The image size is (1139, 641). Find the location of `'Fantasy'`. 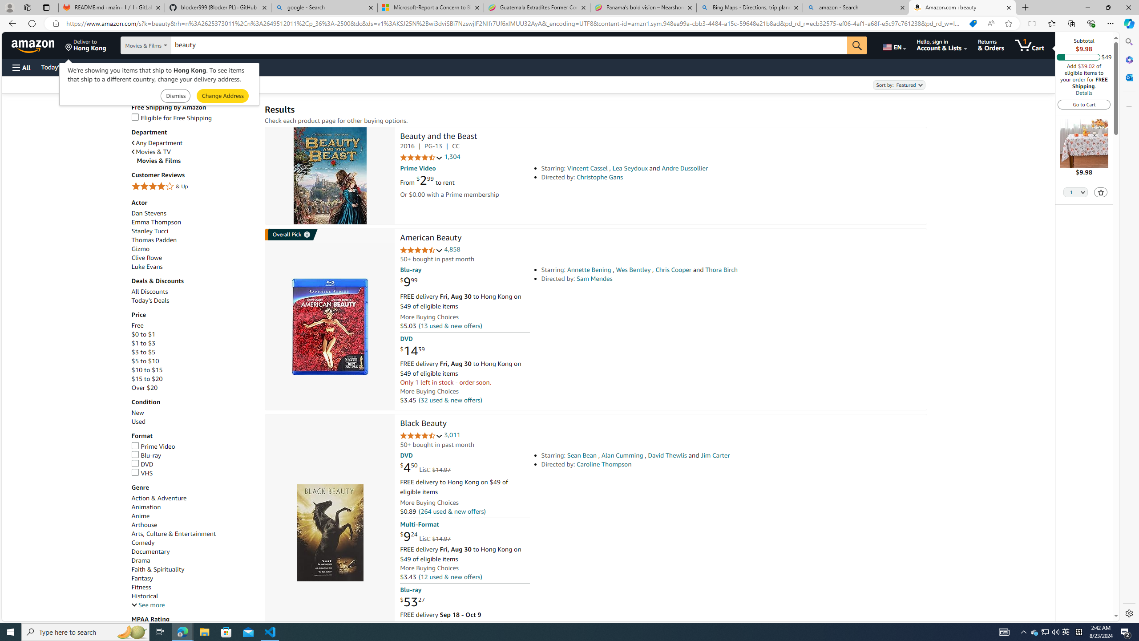

'Fantasy' is located at coordinates (142, 578).